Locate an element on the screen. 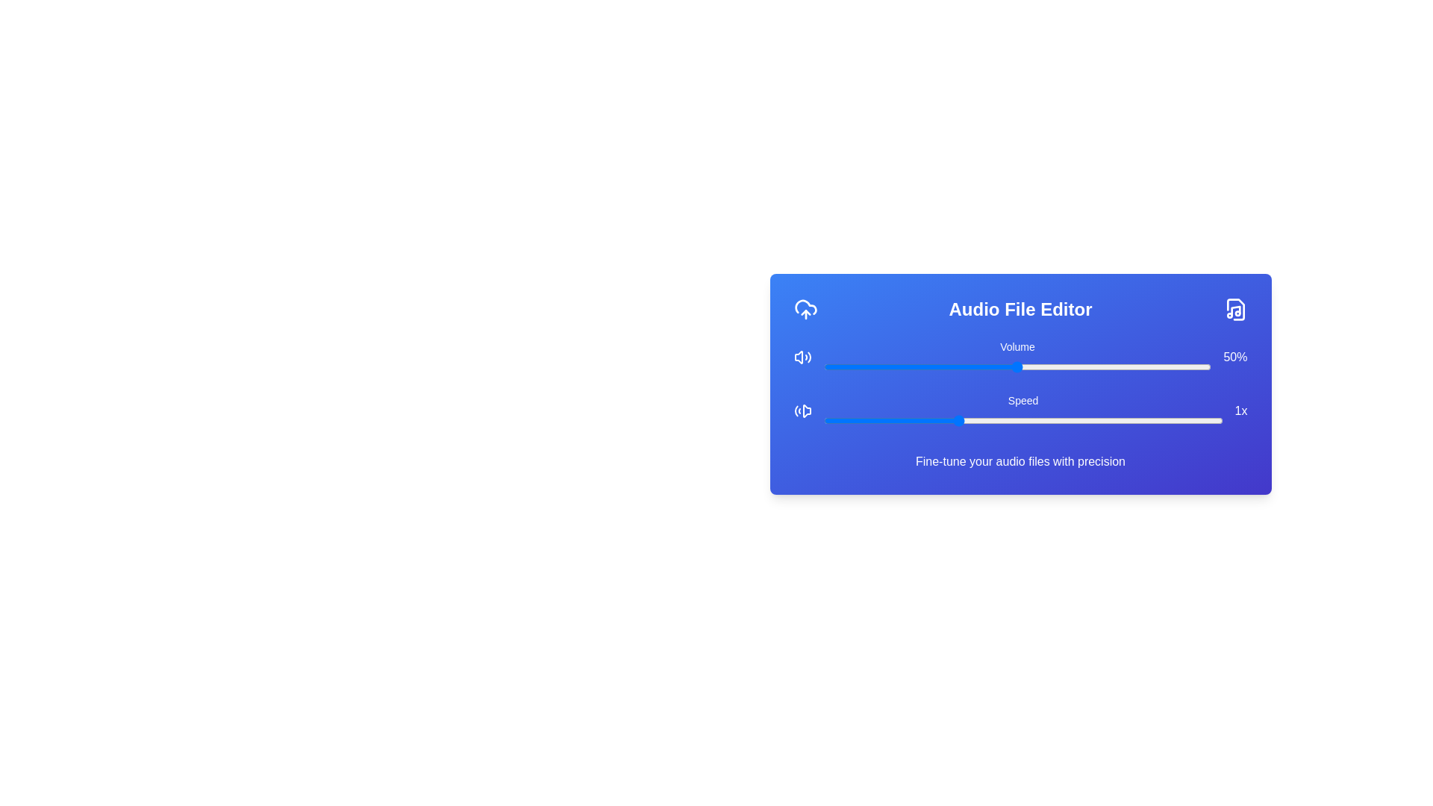 The height and width of the screenshot is (806, 1433). the music note icon located at the top-right corner of the AudioEditor component is located at coordinates (1235, 309).